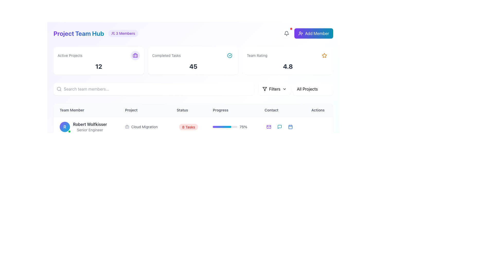 This screenshot has height=278, width=494. Describe the element at coordinates (225, 146) in the screenshot. I see `the Horizontal Progress Bar representing 60% completion of the 'Cloud Migration' project in the Progress column` at that location.